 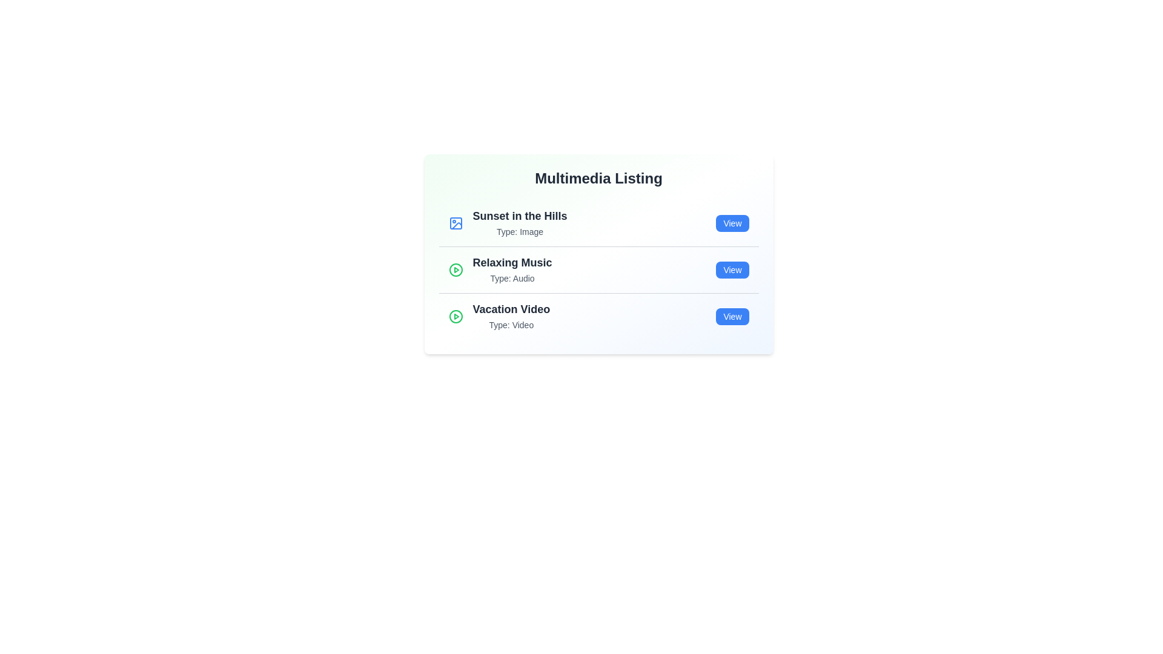 I want to click on the list item corresponding to Sunset in the Hills, so click(x=598, y=223).